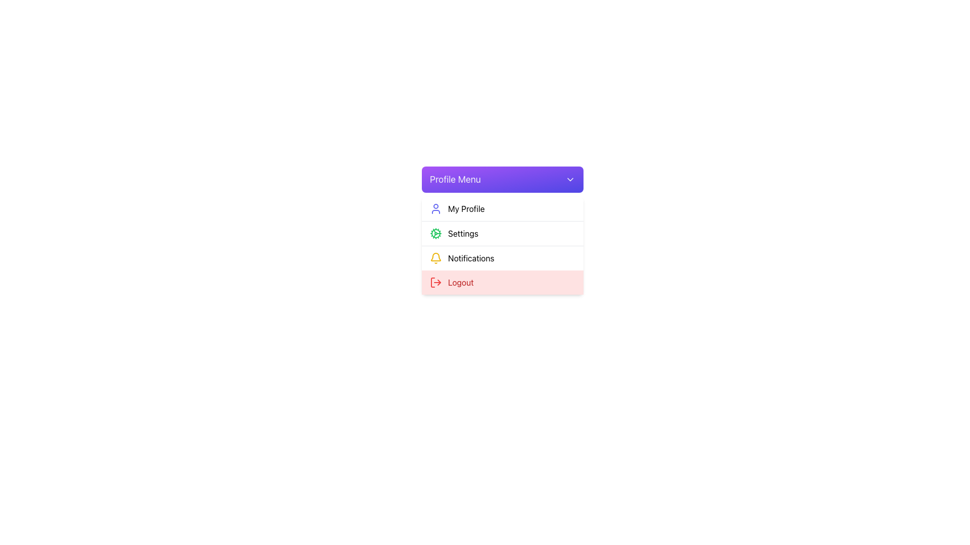  What do you see at coordinates (470, 258) in the screenshot?
I see `the text label displaying 'Notifications' located in the dropdown menu under the 'Profile Menu' header, positioned next to a yellow bell icon` at bounding box center [470, 258].